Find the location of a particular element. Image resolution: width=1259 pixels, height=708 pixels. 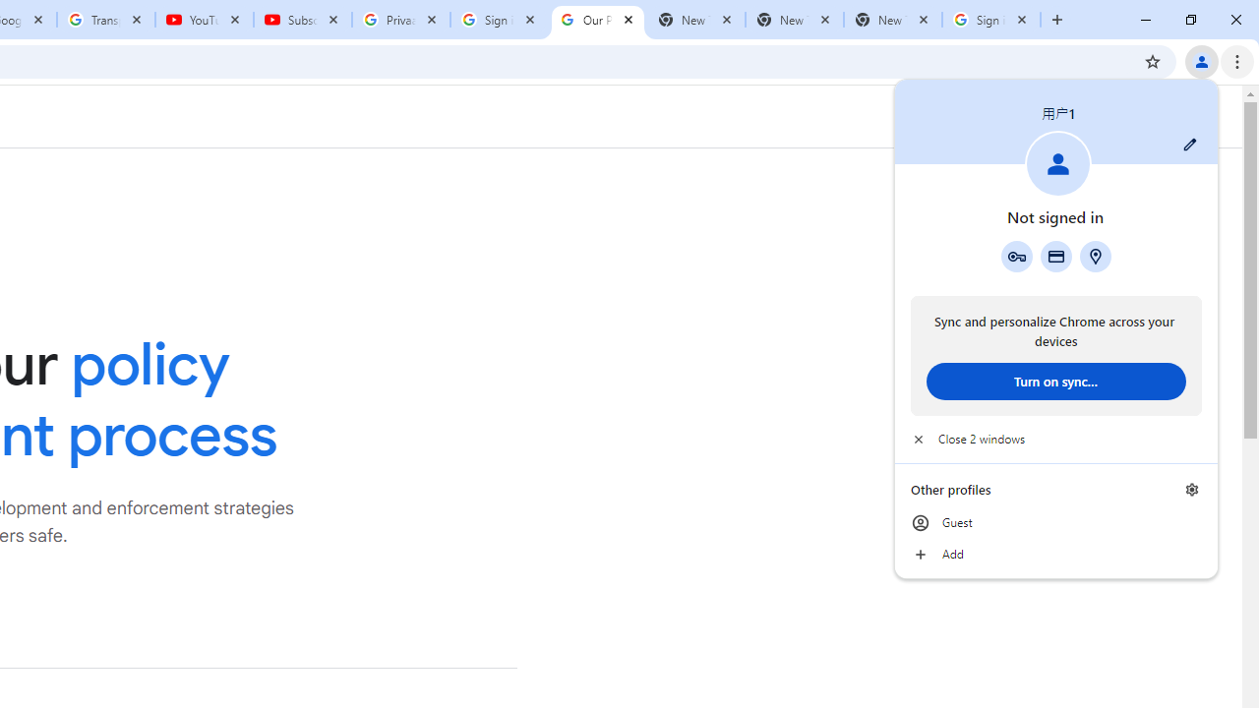

'Manage profiles' is located at coordinates (1191, 489).